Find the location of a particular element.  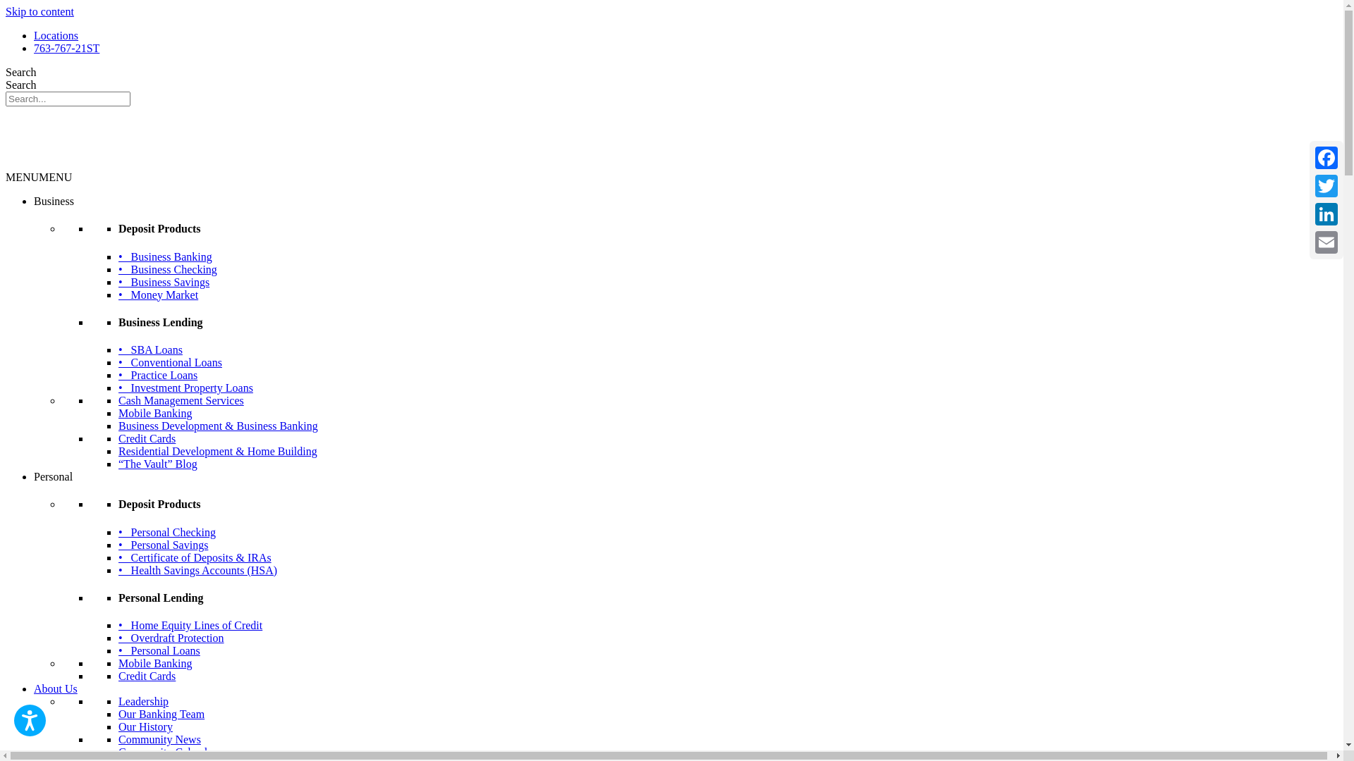

'Business' is located at coordinates (54, 201).